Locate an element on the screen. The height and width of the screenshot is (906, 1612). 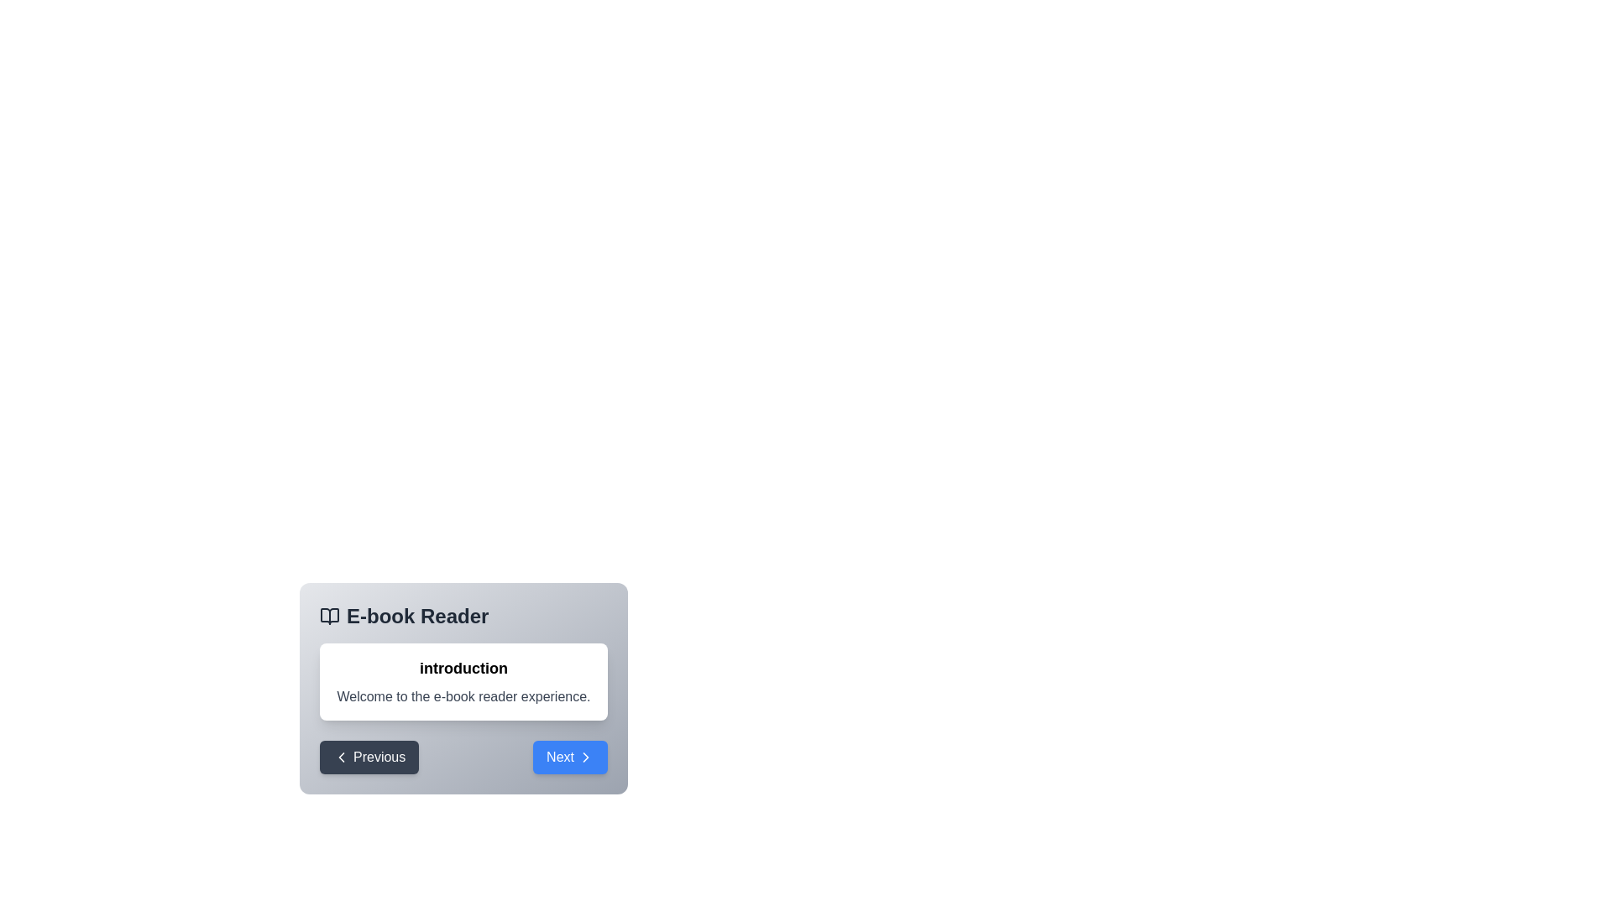
the left-pointing triangular arrow icon that is part of the graphical chevron icon located near the 'Previous' button at the bottom left corner of the dialog box is located at coordinates (341, 757).